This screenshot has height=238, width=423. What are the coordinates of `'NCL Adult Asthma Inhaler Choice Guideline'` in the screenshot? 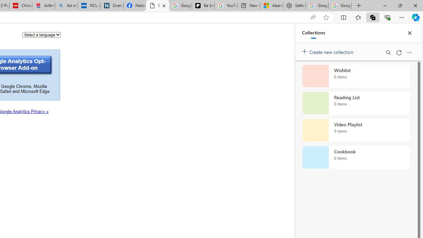 It's located at (89, 6).